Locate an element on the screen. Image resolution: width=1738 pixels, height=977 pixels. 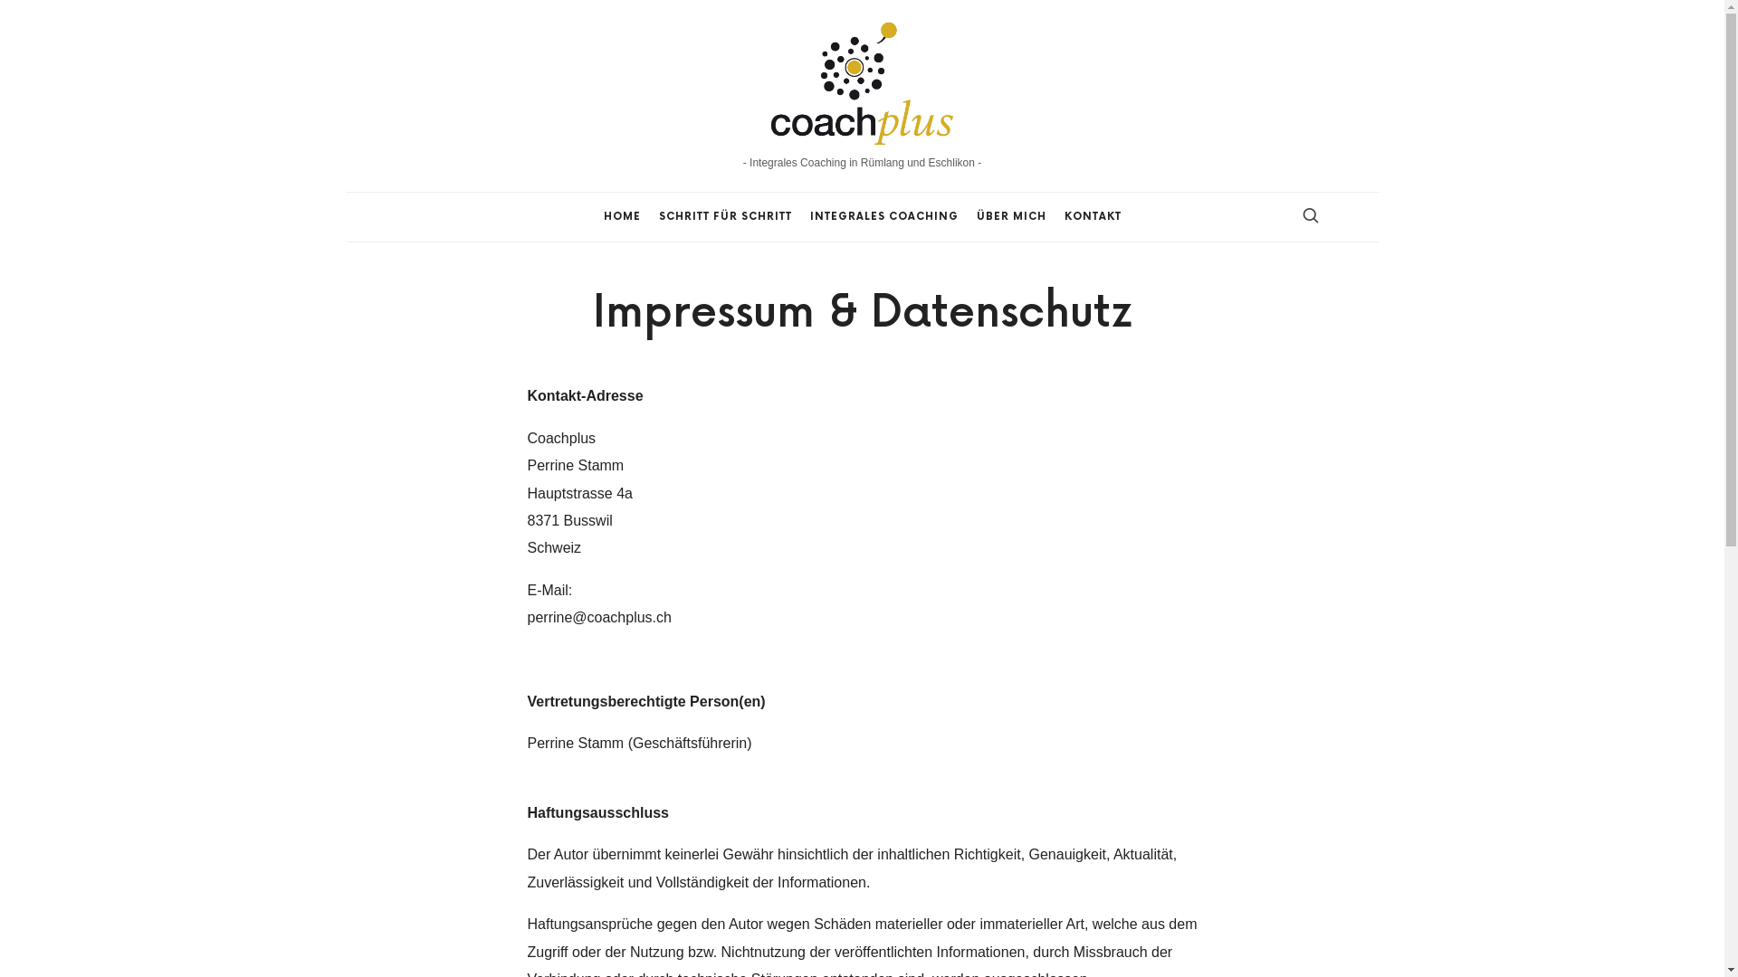
'CoachPlus von Perrine Stamm' is located at coordinates (861, 80).